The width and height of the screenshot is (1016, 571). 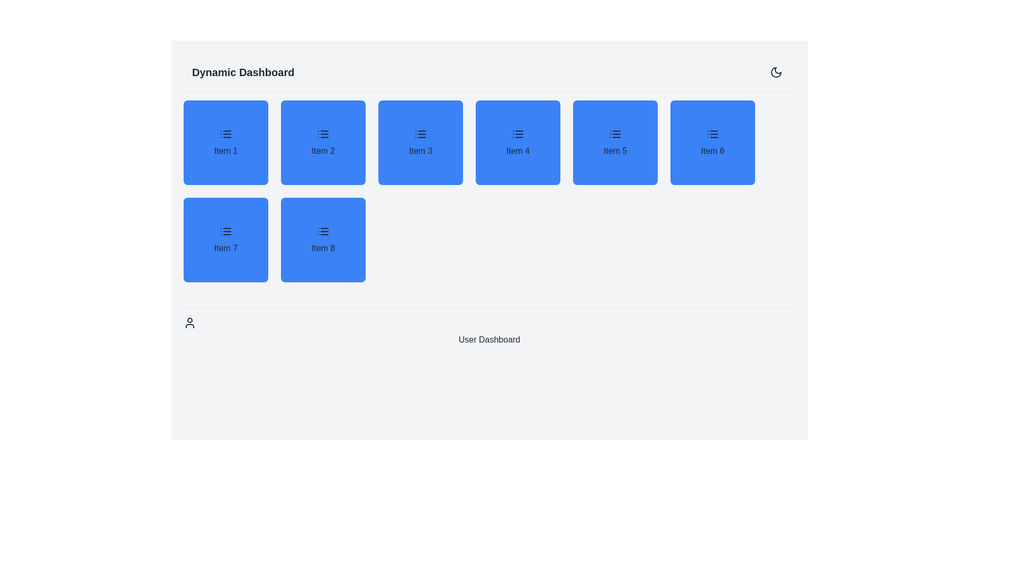 I want to click on the icon resembling three horizontal lines located in the bright blue rectangular card labeled 'Item 6', so click(x=713, y=134).